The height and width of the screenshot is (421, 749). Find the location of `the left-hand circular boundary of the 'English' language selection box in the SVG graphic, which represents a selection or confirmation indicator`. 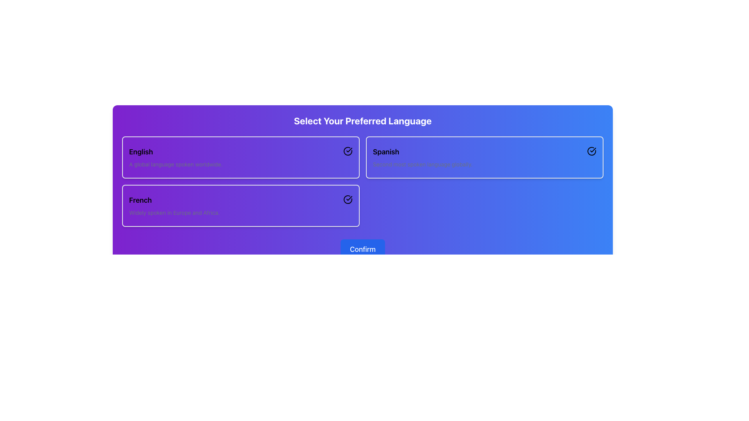

the left-hand circular boundary of the 'English' language selection box in the SVG graphic, which represents a selection or confirmation indicator is located at coordinates (348, 151).